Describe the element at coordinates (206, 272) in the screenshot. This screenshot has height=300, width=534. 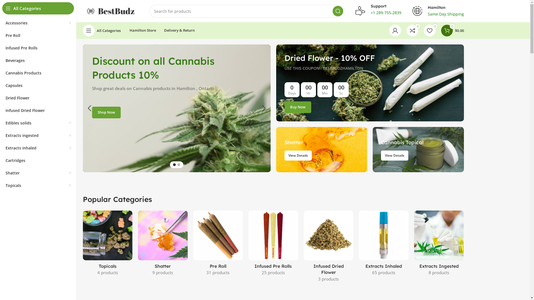
I see `'31 products'` at that location.